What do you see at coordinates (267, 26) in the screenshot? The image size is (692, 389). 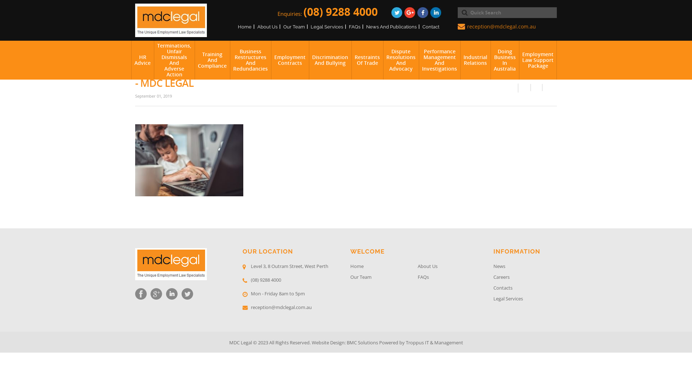 I see `'About Us'` at bounding box center [267, 26].